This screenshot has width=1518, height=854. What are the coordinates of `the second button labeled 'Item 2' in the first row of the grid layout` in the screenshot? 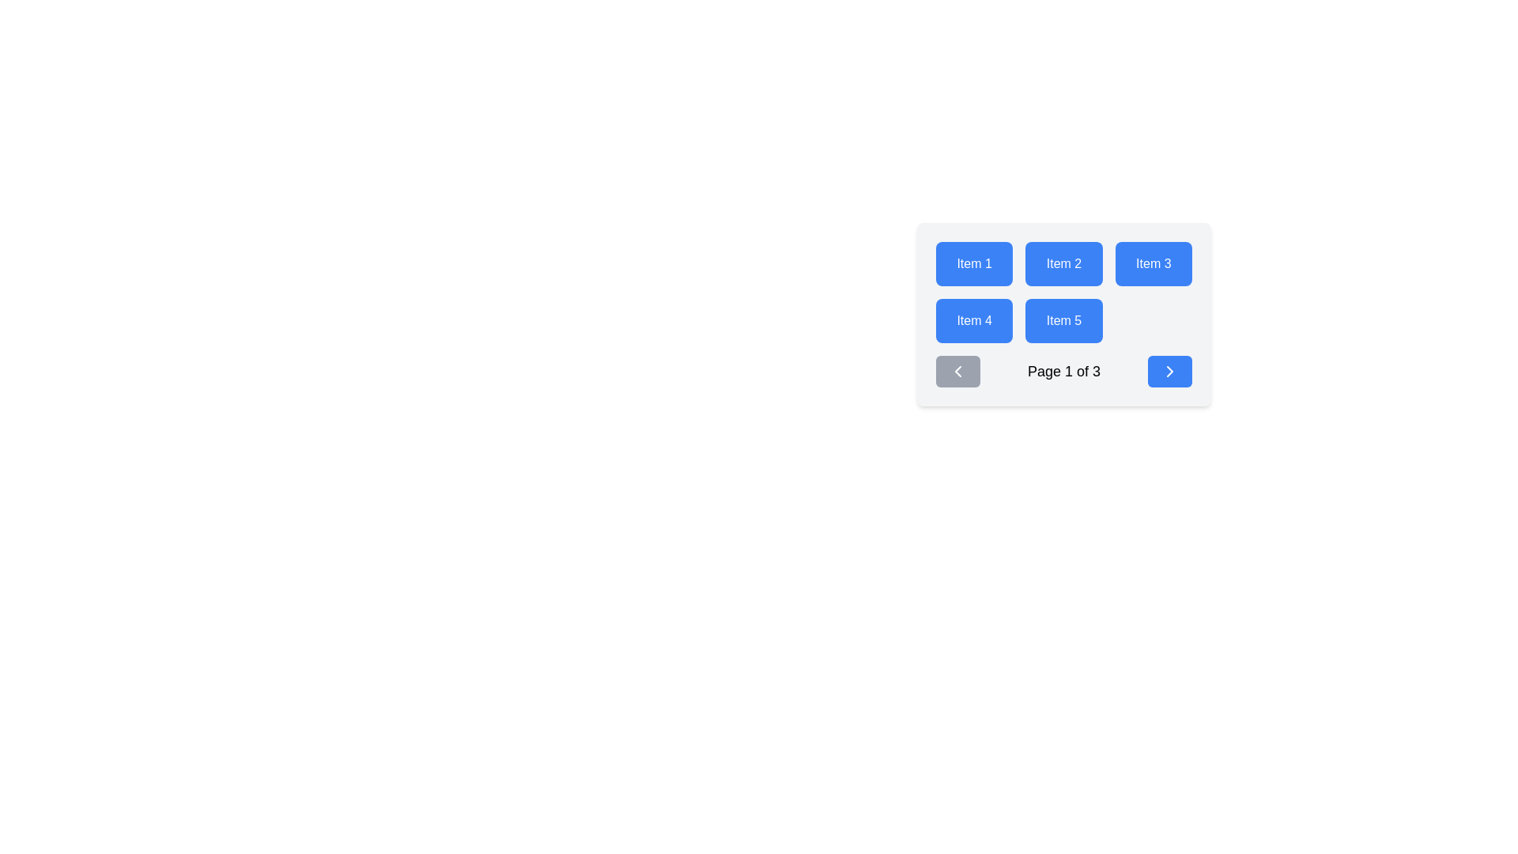 It's located at (1063, 263).